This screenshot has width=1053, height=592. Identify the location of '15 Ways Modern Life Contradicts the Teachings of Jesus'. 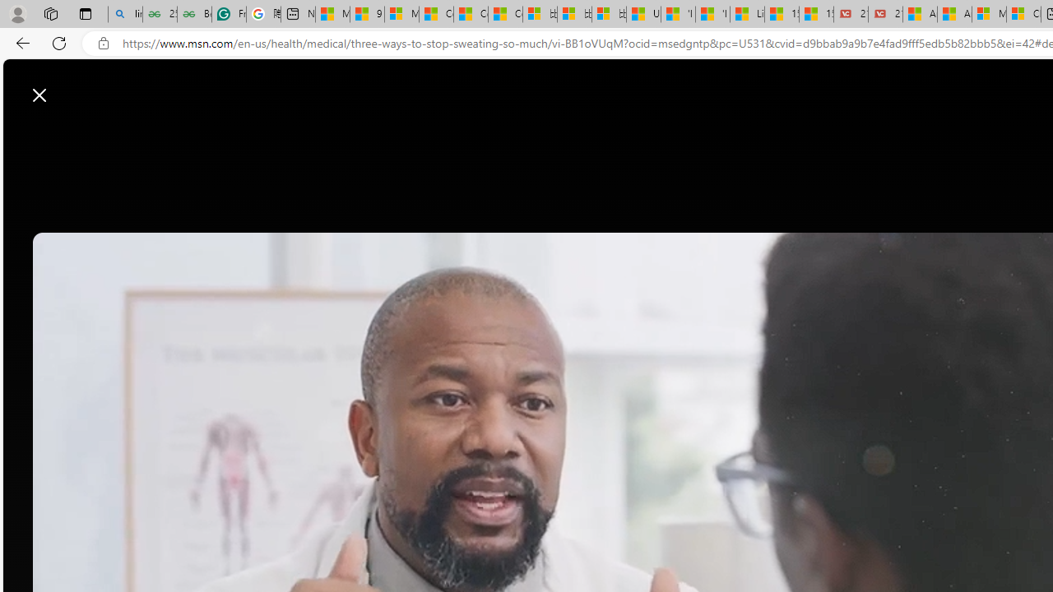
(816, 14).